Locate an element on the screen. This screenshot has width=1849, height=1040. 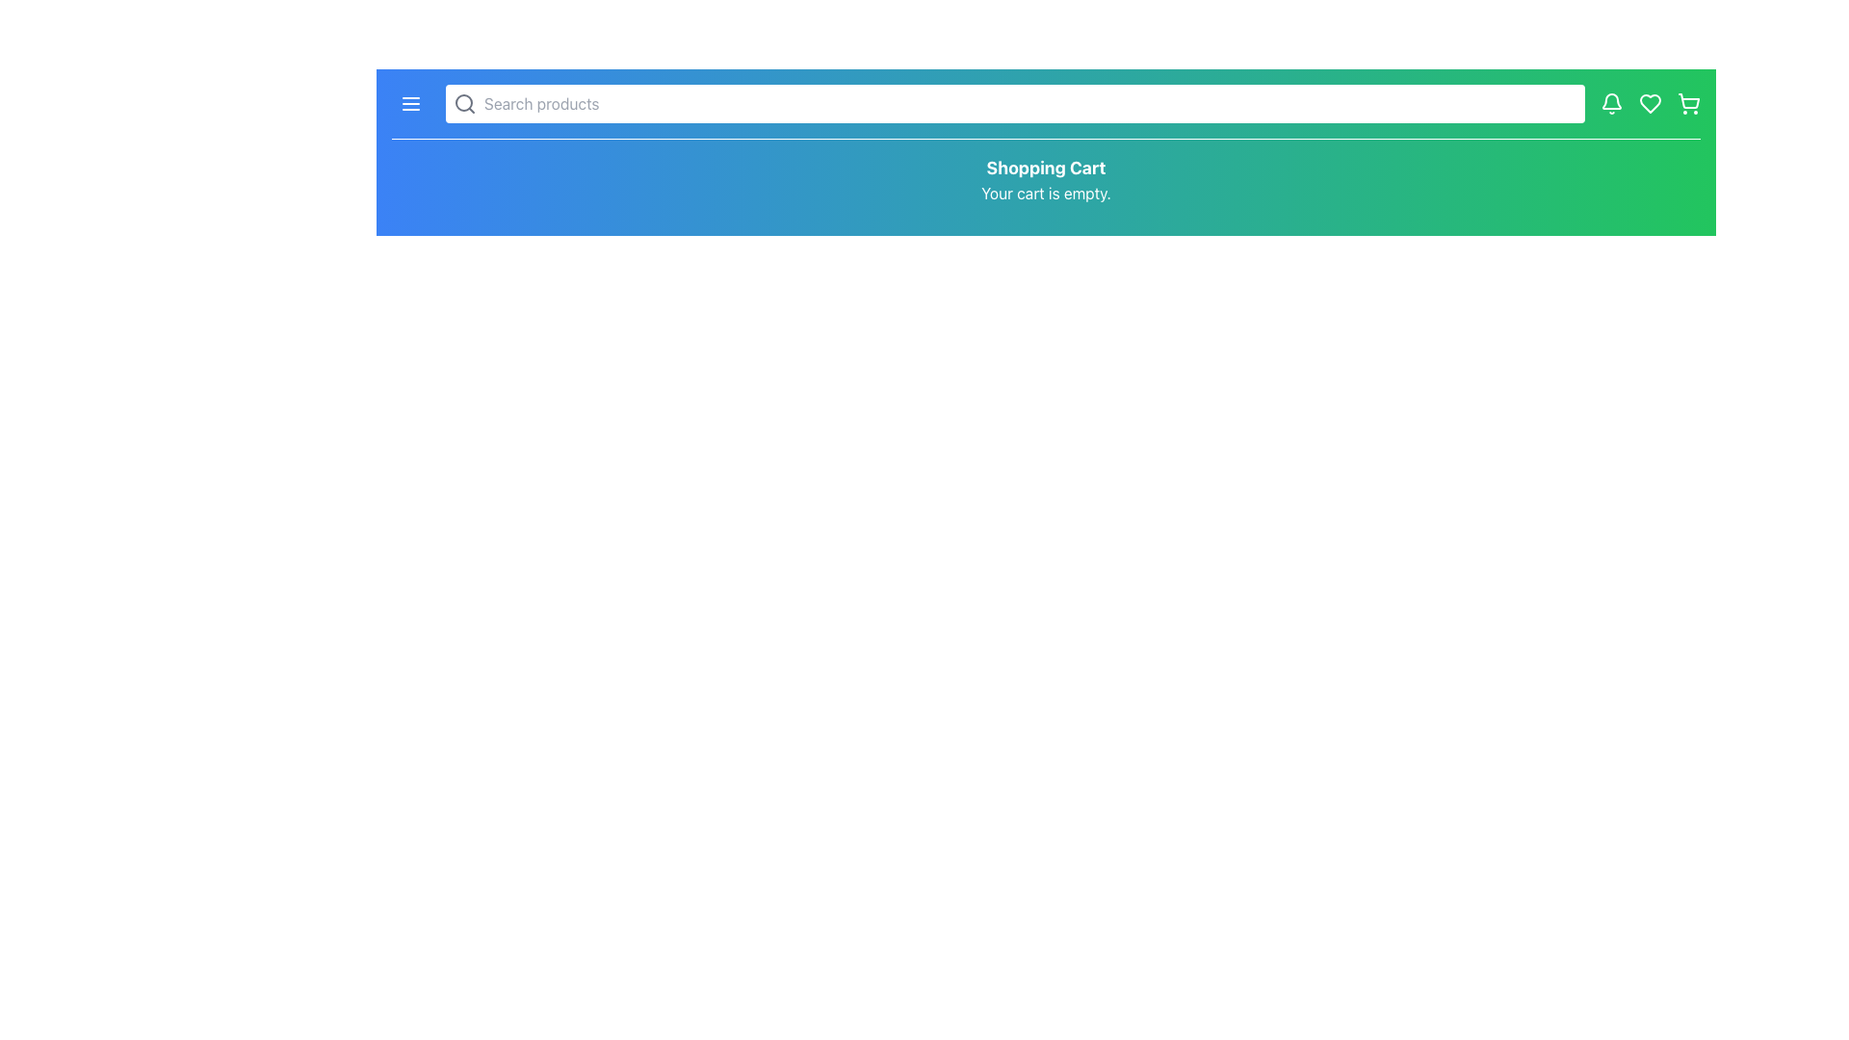
the shopping cart icon button located on the right side of the horizontal navigation bar is located at coordinates (1687, 104).